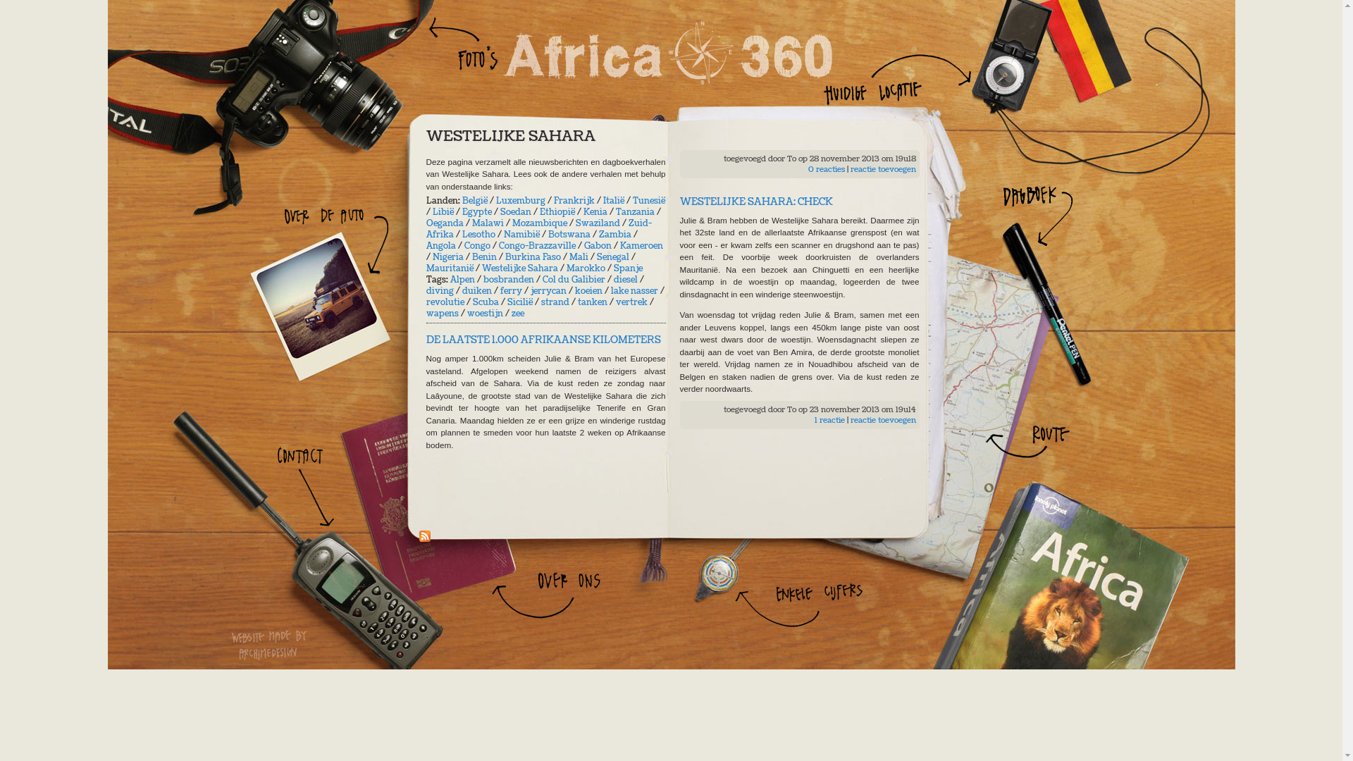  What do you see at coordinates (432, 257) in the screenshot?
I see `'Nigeria'` at bounding box center [432, 257].